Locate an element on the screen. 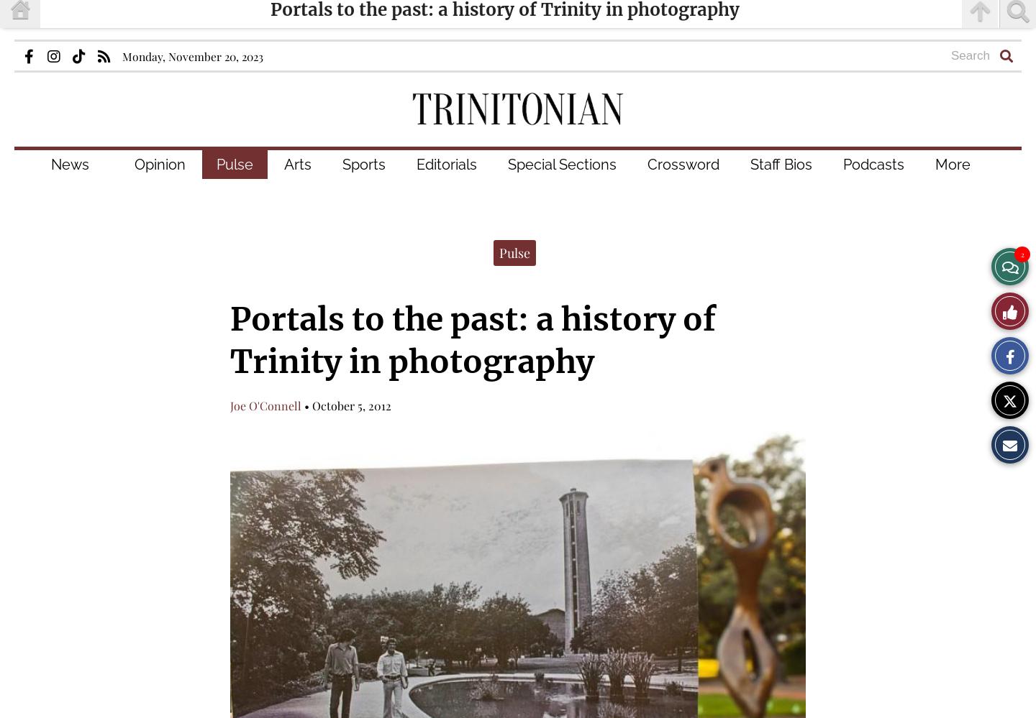 The height and width of the screenshot is (718, 1036). 'Joe O'Connell' is located at coordinates (265, 405).